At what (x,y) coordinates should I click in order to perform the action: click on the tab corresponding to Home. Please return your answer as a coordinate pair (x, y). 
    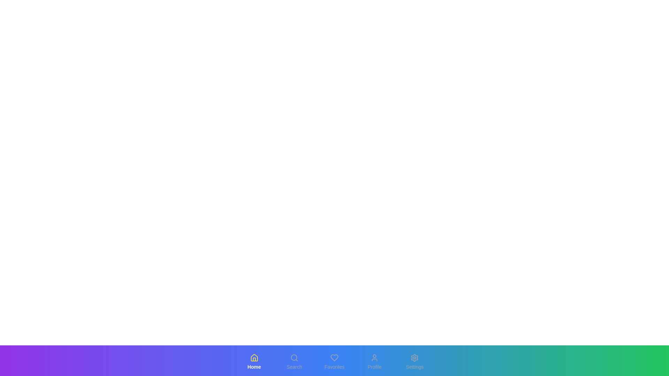
    Looking at the image, I should click on (254, 362).